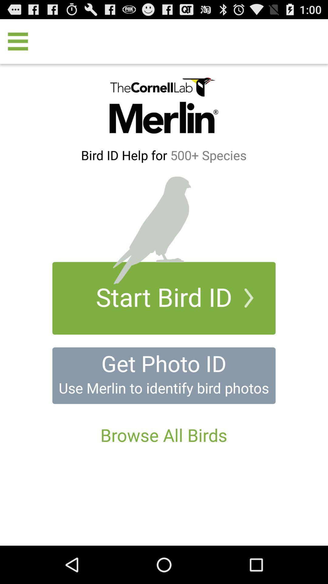 The image size is (328, 584). Describe the element at coordinates (163, 363) in the screenshot. I see `the get photo id item` at that location.